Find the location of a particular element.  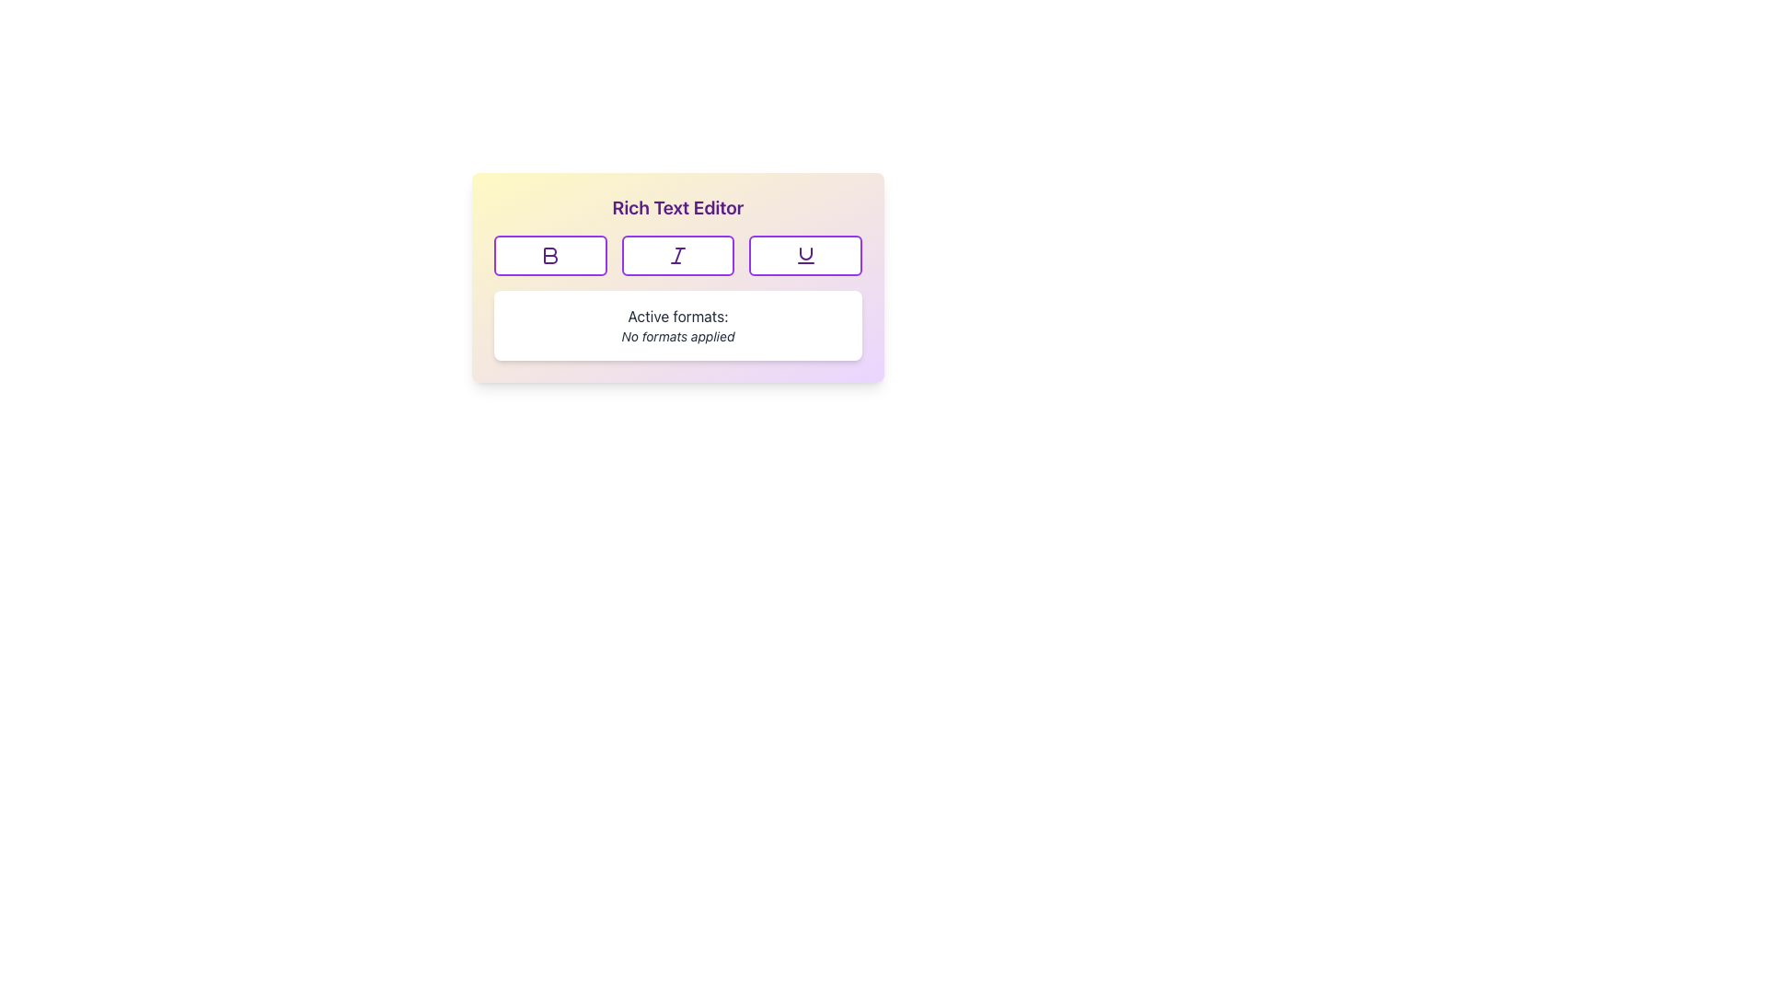

the second formatting button in the 'Rich Text Editor' is located at coordinates (676, 255).